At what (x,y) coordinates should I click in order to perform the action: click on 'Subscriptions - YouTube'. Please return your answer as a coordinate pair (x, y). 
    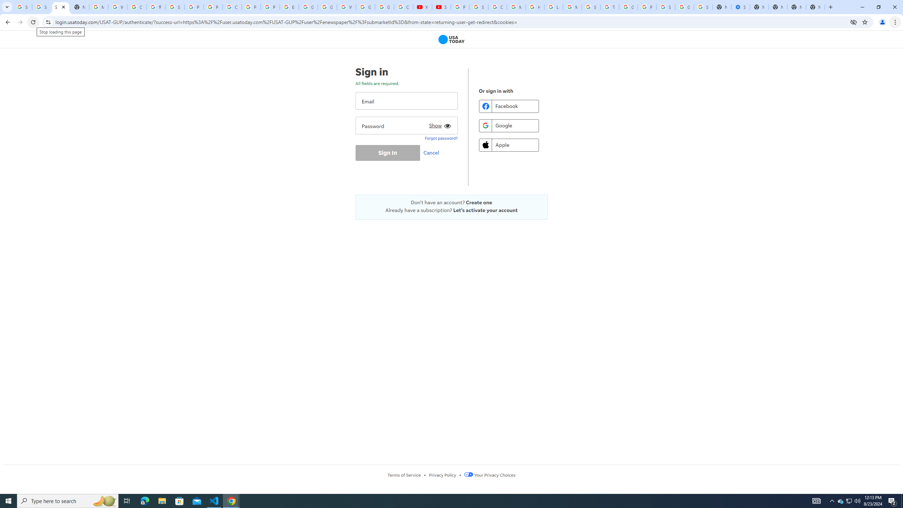
    Looking at the image, I should click on (441, 7).